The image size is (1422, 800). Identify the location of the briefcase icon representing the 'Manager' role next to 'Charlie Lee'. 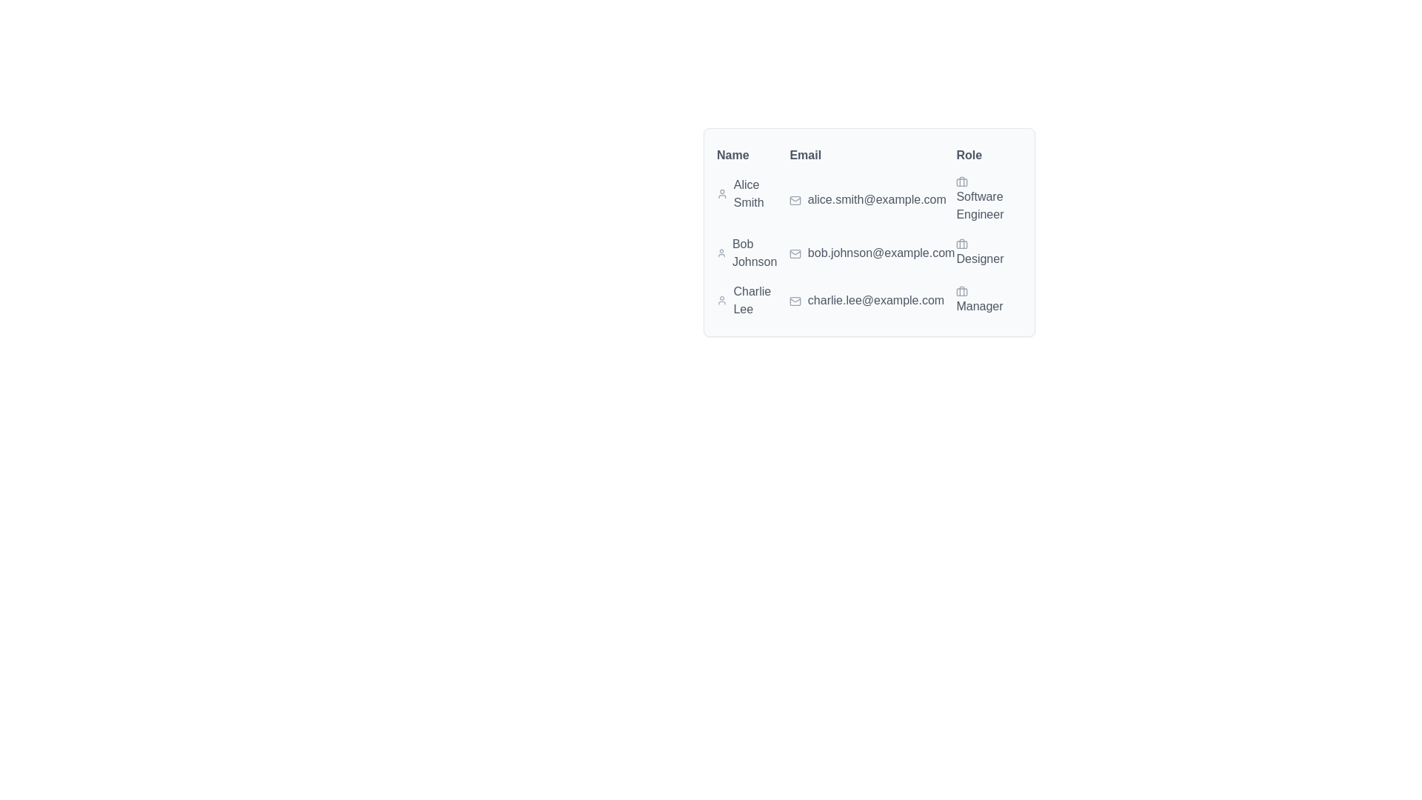
(962, 291).